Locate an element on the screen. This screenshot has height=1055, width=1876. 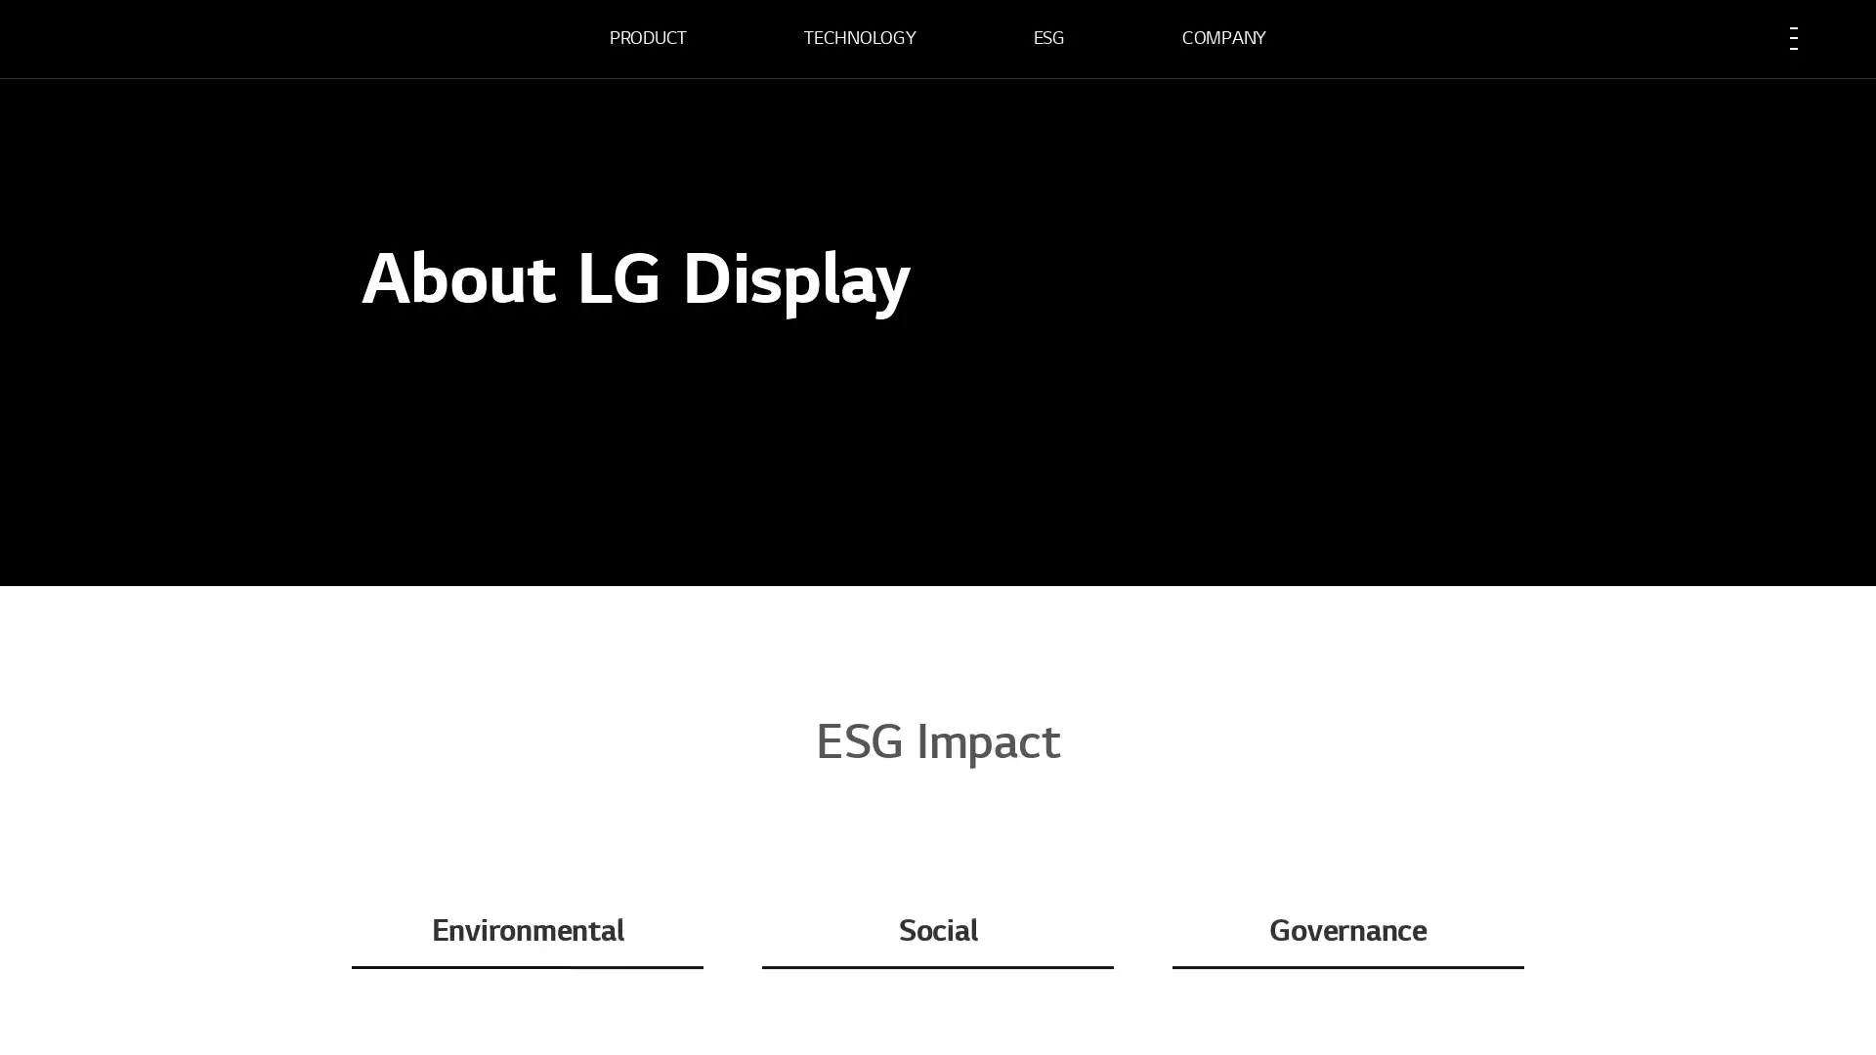
/ is located at coordinates (392, 444).